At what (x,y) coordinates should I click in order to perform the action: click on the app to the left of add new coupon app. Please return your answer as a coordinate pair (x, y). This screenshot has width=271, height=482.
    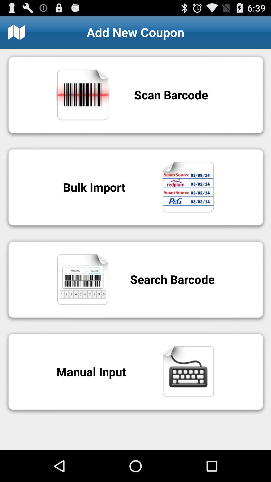
    Looking at the image, I should click on (16, 32).